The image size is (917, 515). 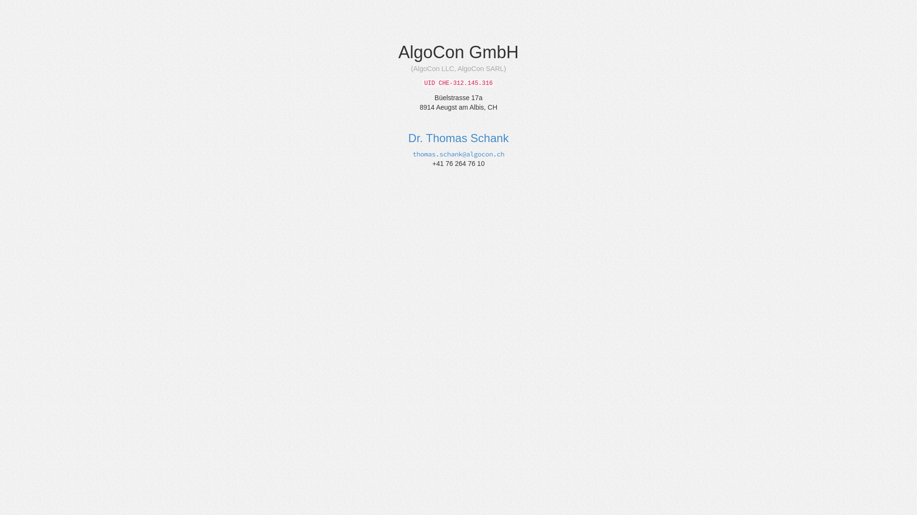 I want to click on 'Dr. Thomas Schank', so click(x=458, y=138).